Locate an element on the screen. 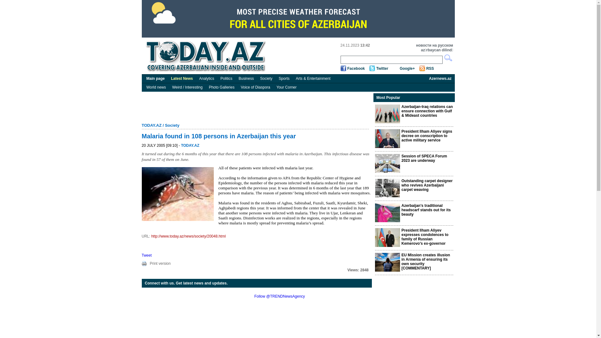 The height and width of the screenshot is (338, 601). 'Photo Galleries' is located at coordinates (222, 87).